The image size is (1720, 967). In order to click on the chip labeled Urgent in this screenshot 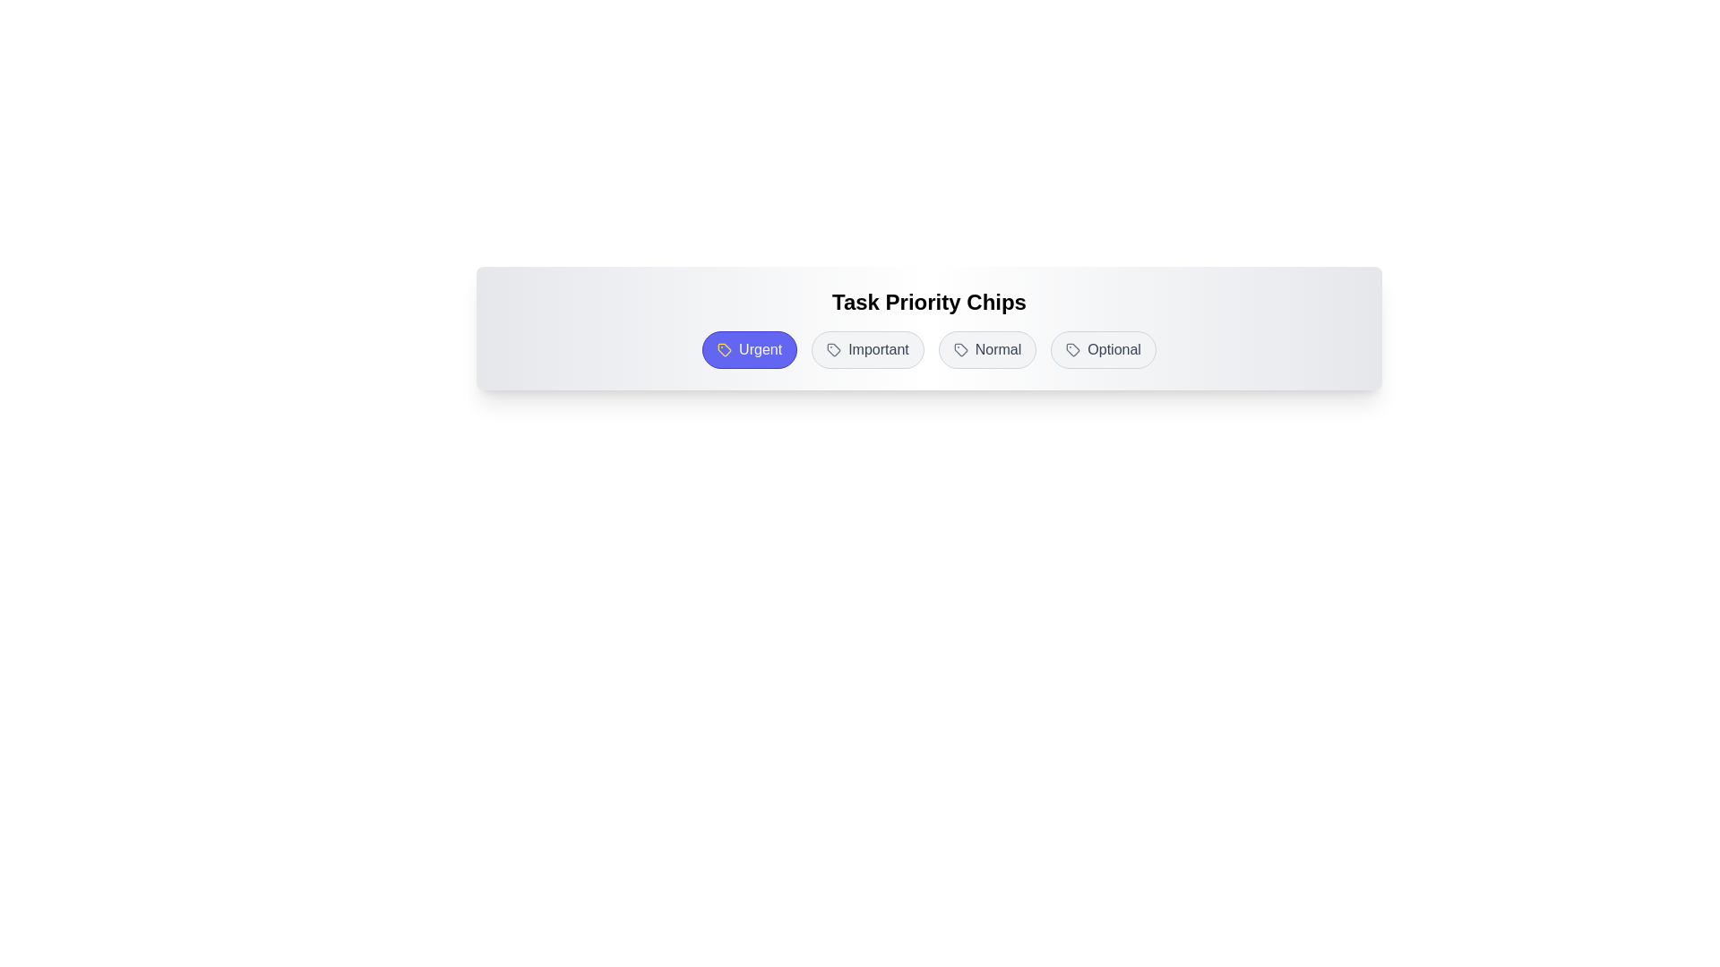, I will do `click(750, 349)`.